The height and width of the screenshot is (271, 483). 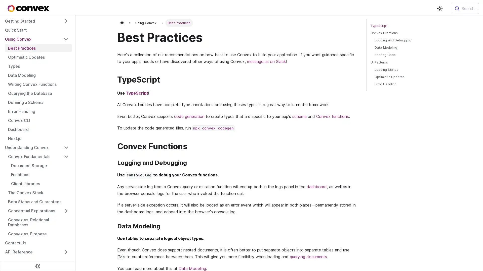 What do you see at coordinates (439, 9) in the screenshot?
I see `Switch between dark and light mode (currently light mode)` at bounding box center [439, 9].